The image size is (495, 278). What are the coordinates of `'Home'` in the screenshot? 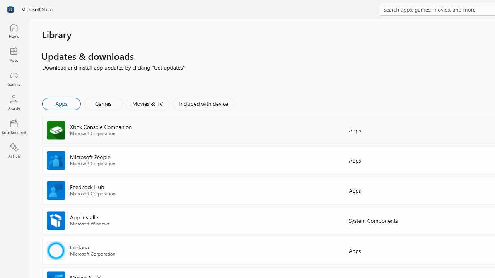 It's located at (14, 30).